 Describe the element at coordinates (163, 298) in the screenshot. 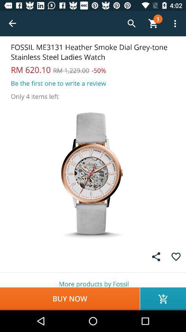

I see `icon next to the buy now icon` at that location.